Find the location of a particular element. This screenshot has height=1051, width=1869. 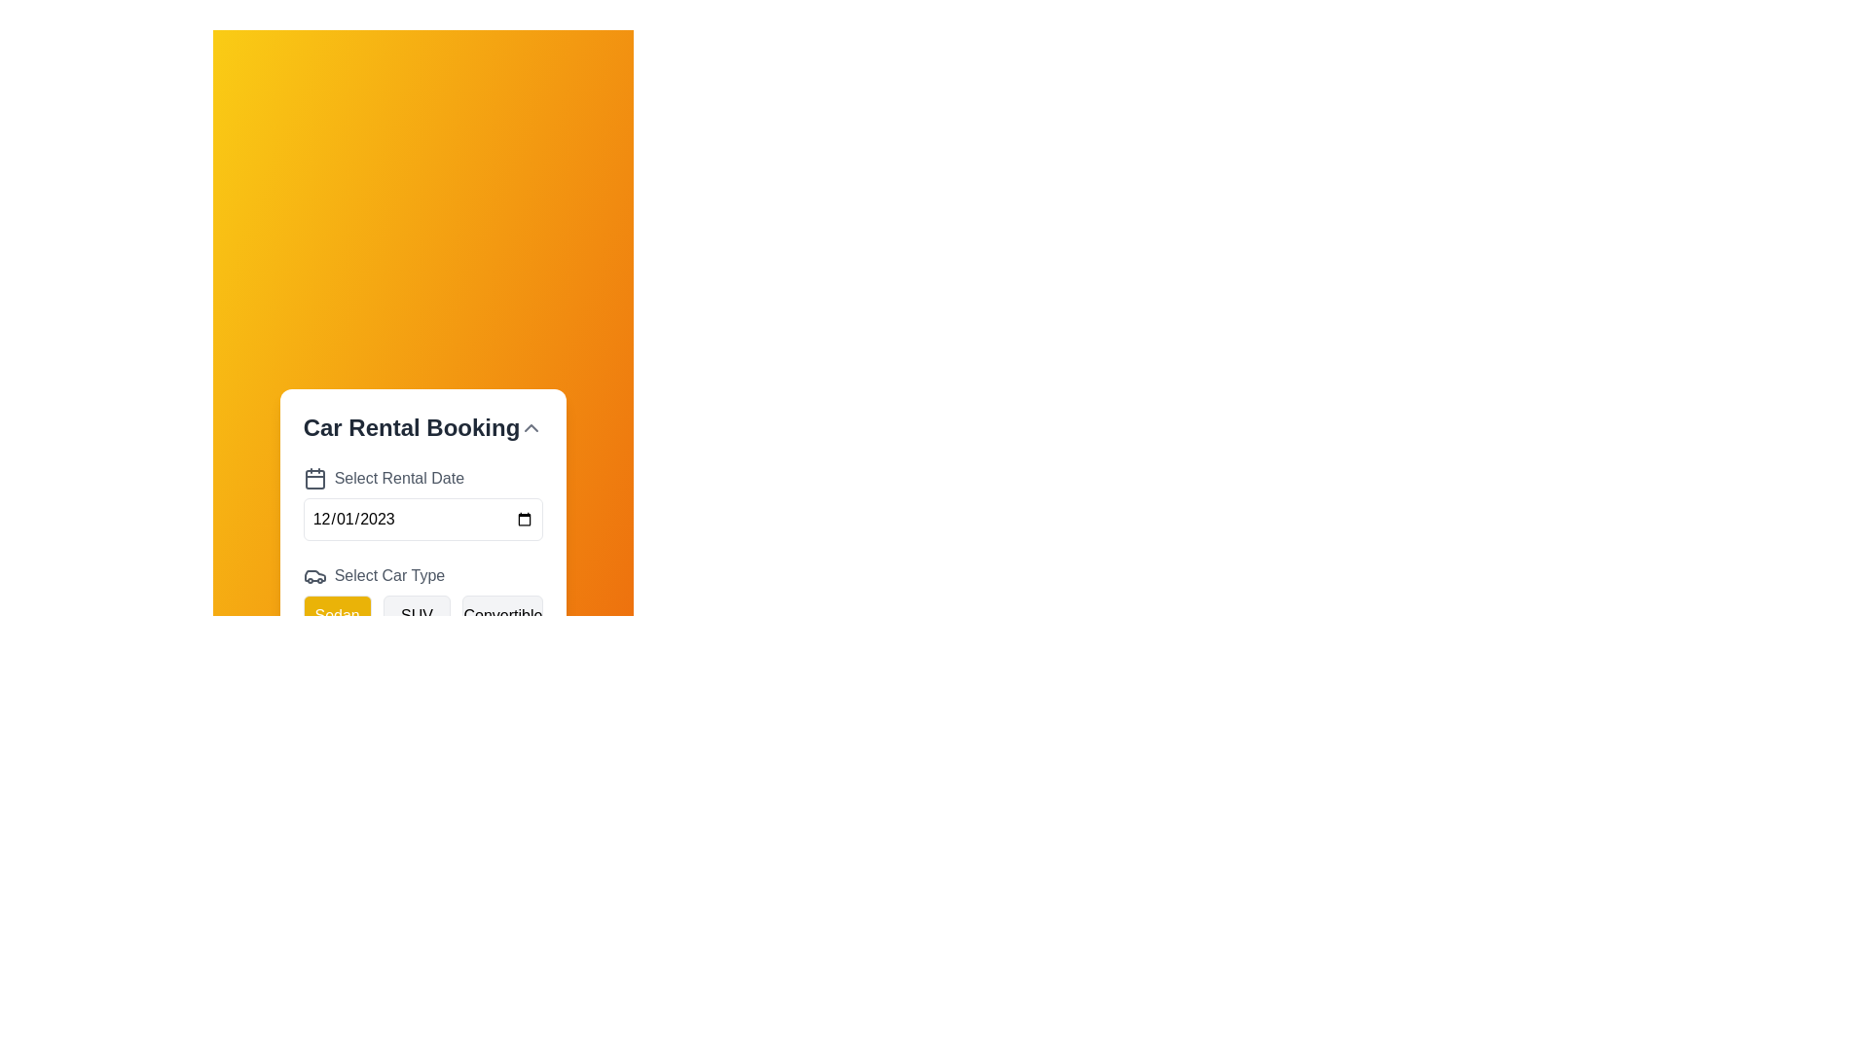

the calendar icon that serves as a visual indicator for selecting a rental date, located to the left of the 'Select Rental Date' label is located at coordinates (314, 479).